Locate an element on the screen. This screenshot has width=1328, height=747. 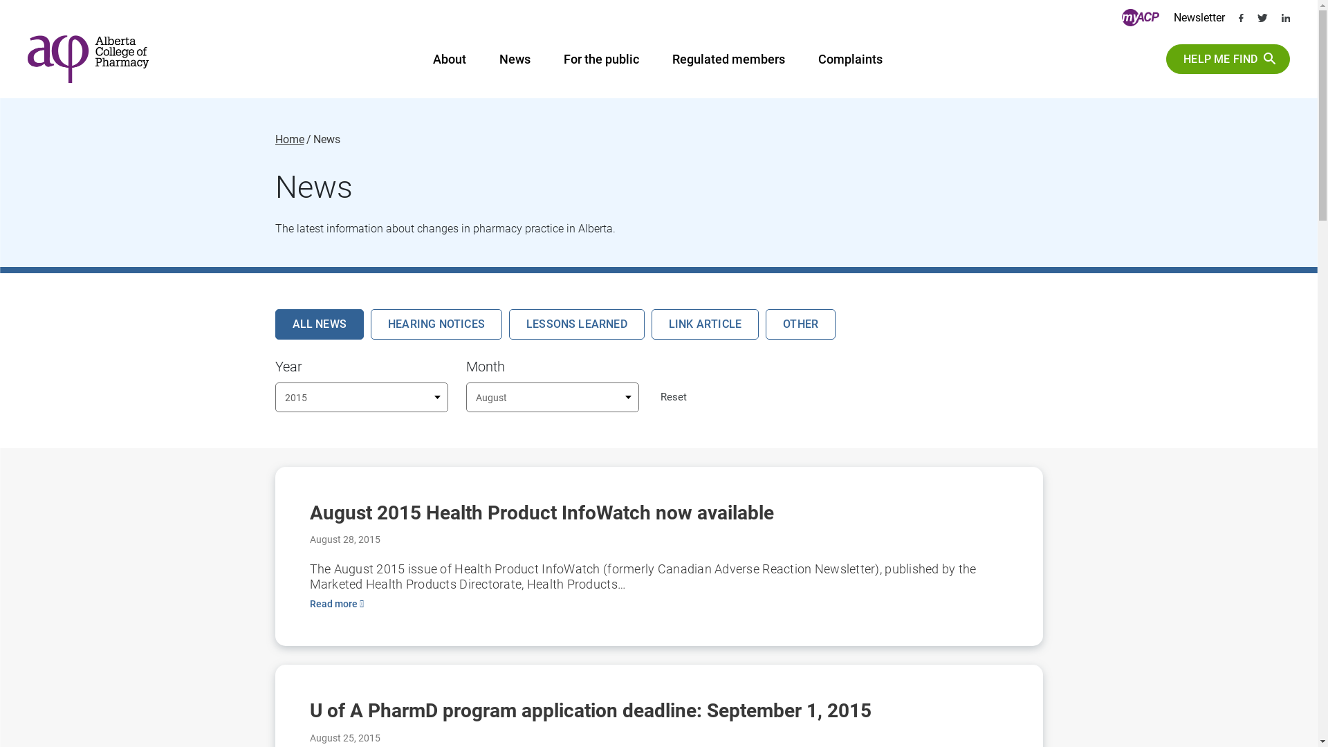
'ALL NEWS' is located at coordinates (319, 323).